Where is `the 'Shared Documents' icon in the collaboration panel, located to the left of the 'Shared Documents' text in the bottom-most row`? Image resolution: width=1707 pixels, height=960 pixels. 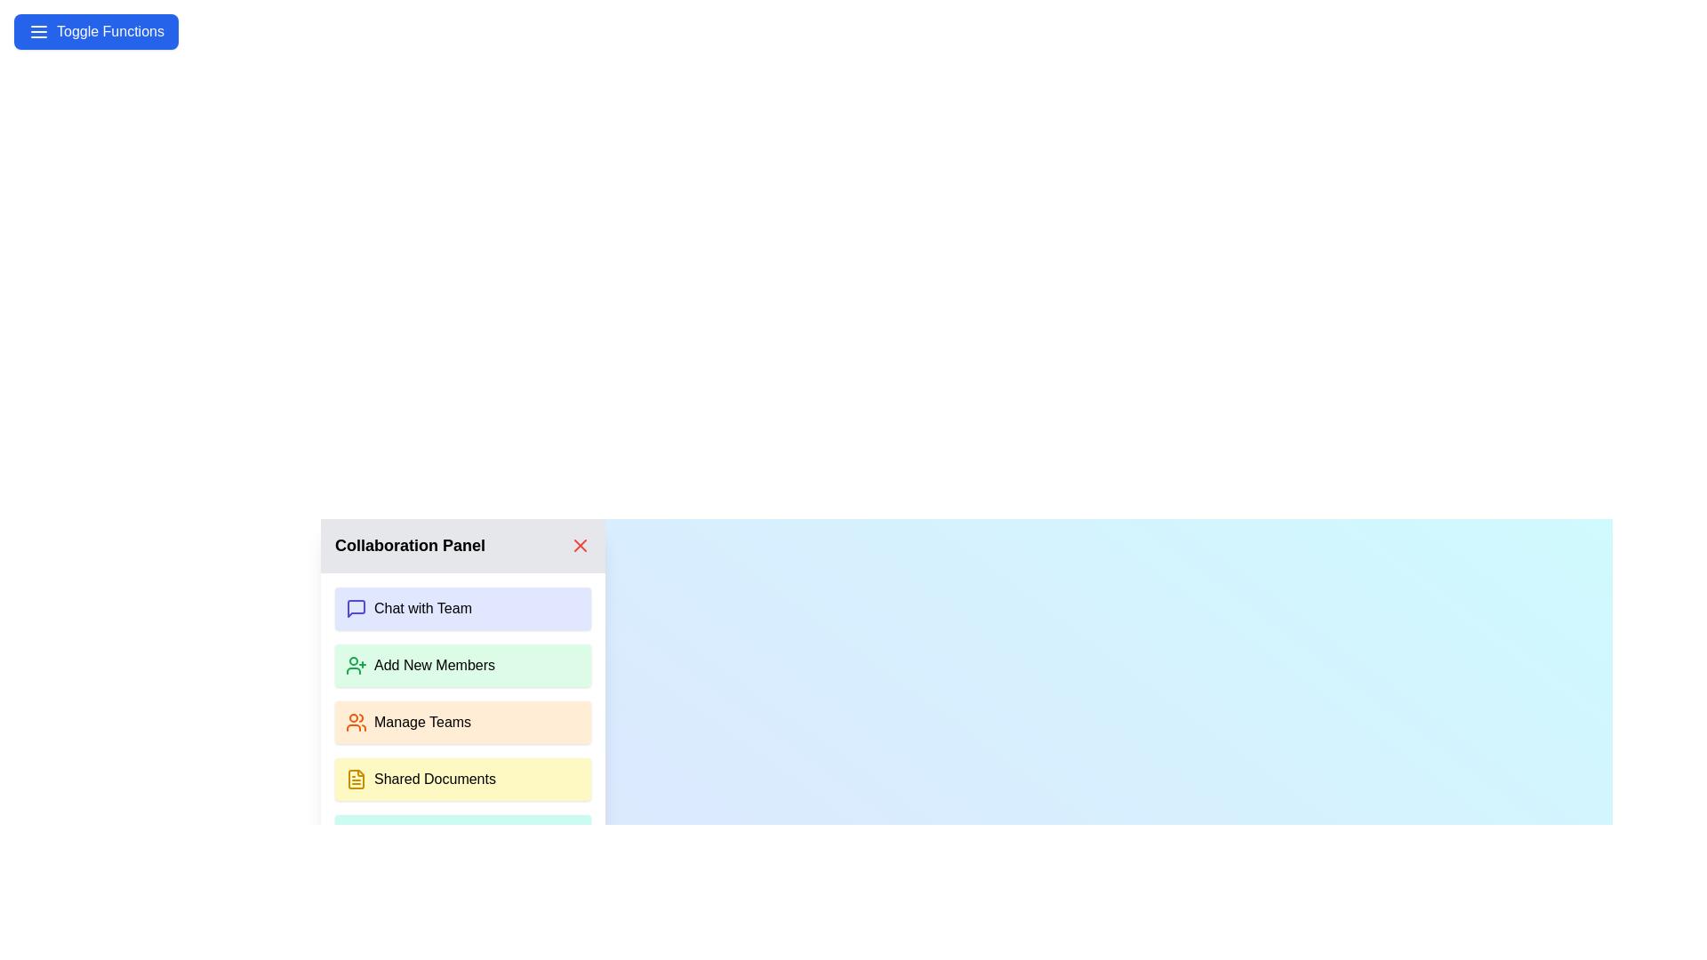
the 'Shared Documents' icon in the collaboration panel, located to the left of the 'Shared Documents' text in the bottom-most row is located at coordinates (356, 778).